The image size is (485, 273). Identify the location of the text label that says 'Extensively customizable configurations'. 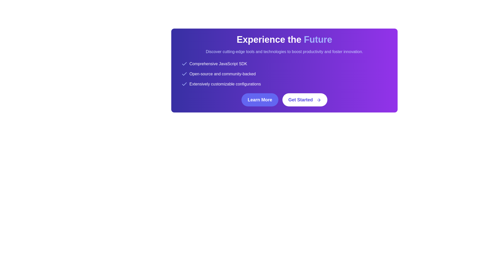
(225, 84).